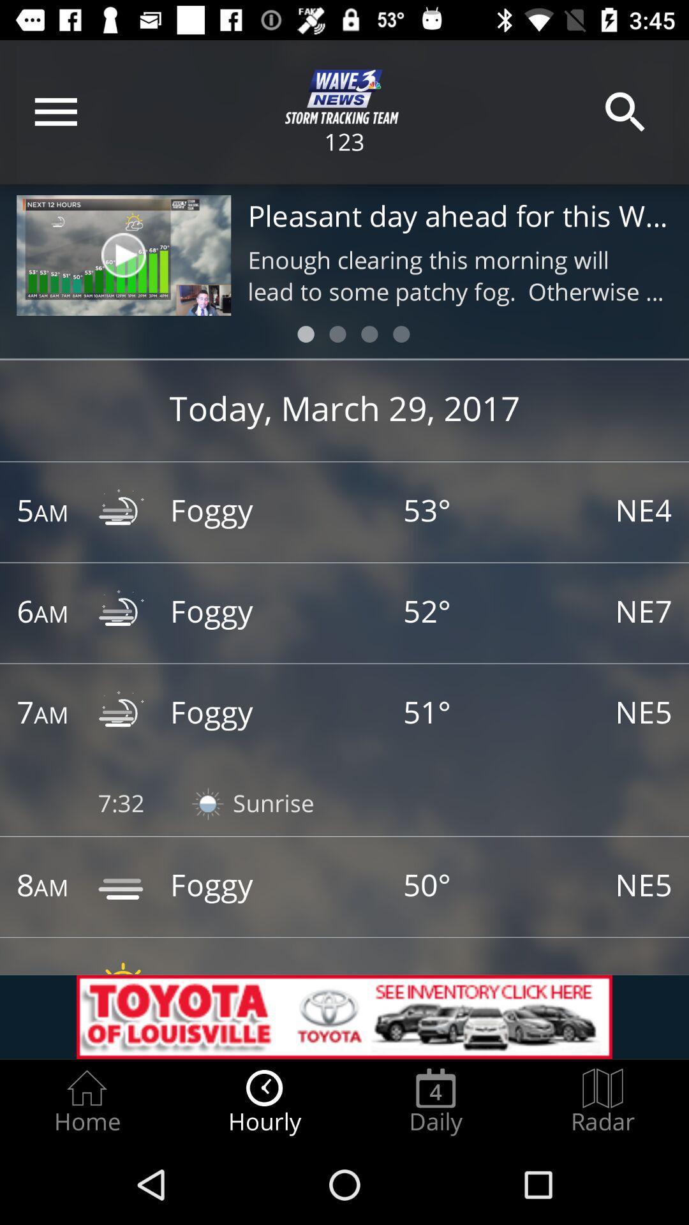 This screenshot has width=689, height=1225. What do you see at coordinates (435, 1101) in the screenshot?
I see `daily icon` at bounding box center [435, 1101].